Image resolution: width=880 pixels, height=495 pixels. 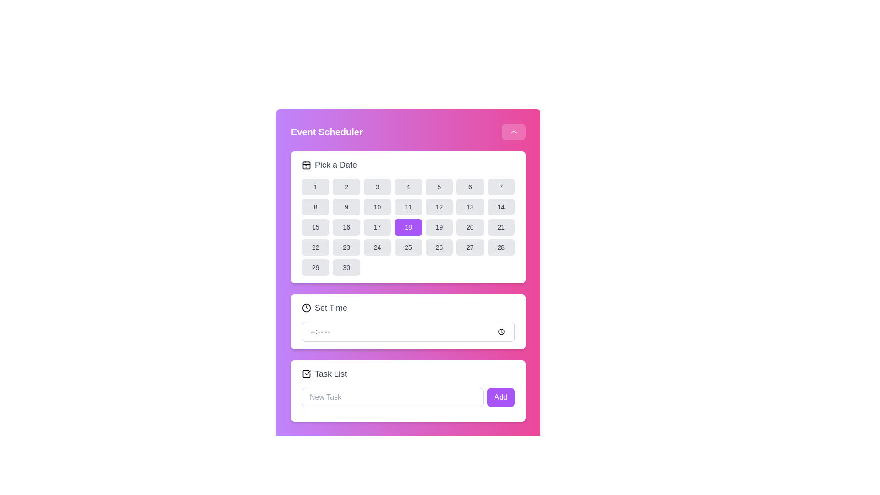 I want to click on the date button for the 9th day of the month in the date-picking interface to receive visual feedback, so click(x=346, y=207).